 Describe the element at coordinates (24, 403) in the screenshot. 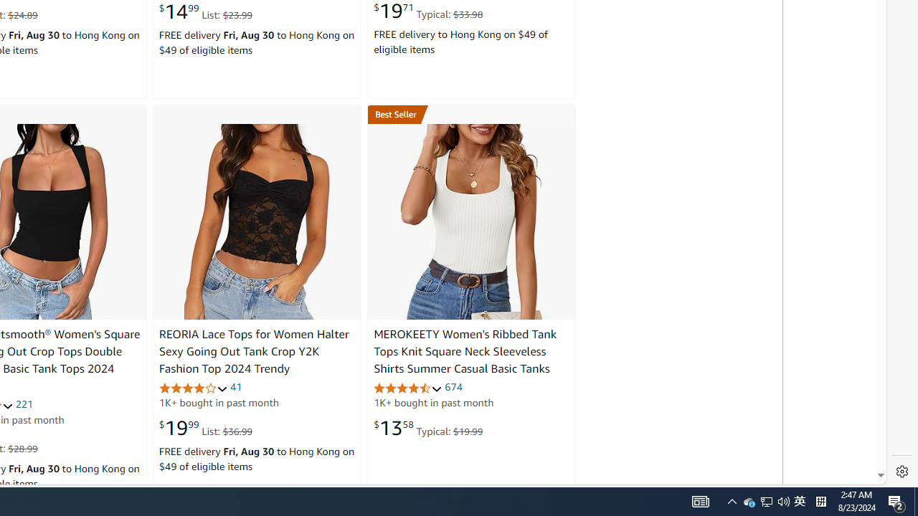

I see `'221'` at that location.